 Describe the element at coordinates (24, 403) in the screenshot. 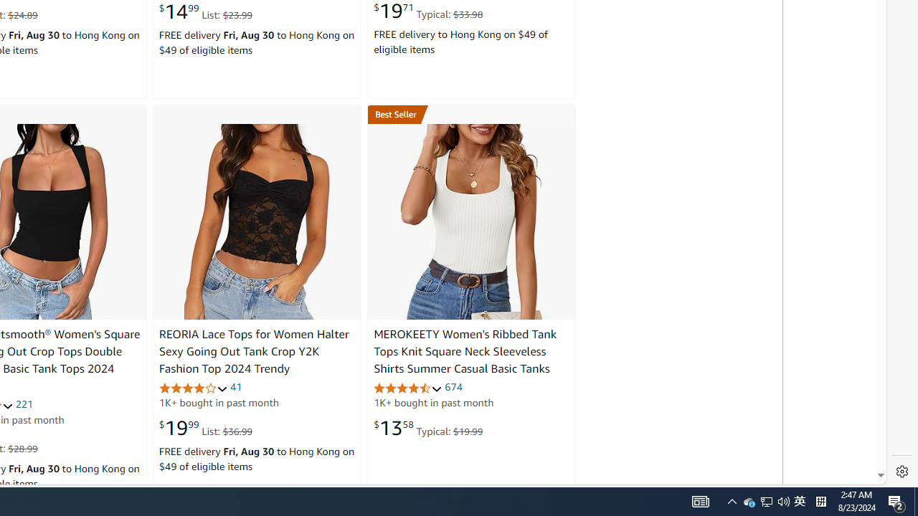

I see `'221'` at that location.